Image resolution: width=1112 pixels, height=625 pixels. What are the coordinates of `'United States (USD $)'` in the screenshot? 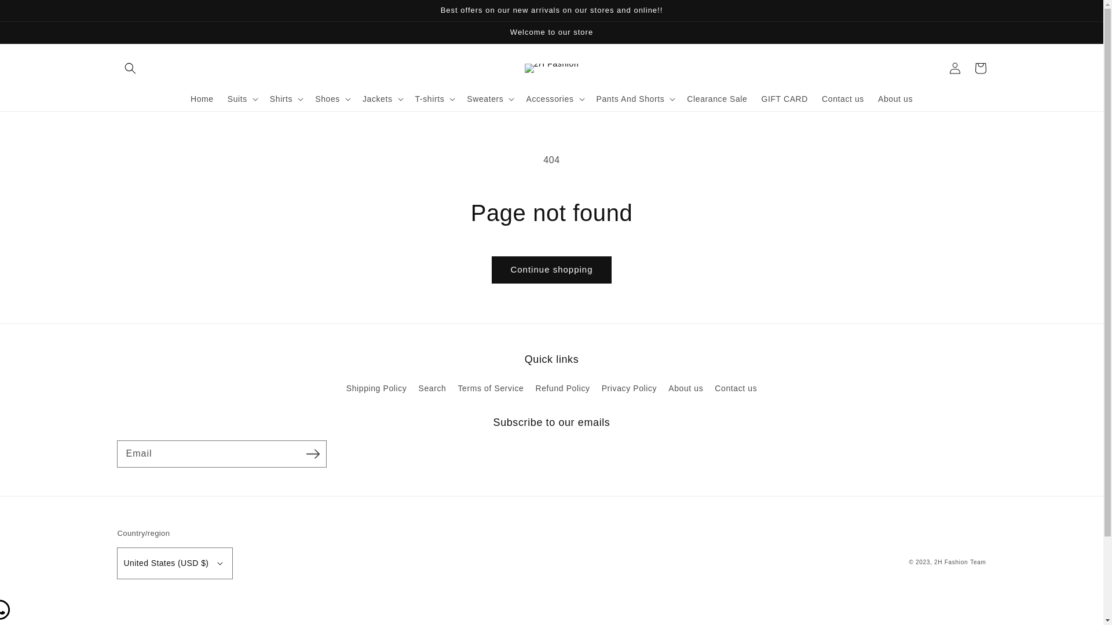 It's located at (116, 562).